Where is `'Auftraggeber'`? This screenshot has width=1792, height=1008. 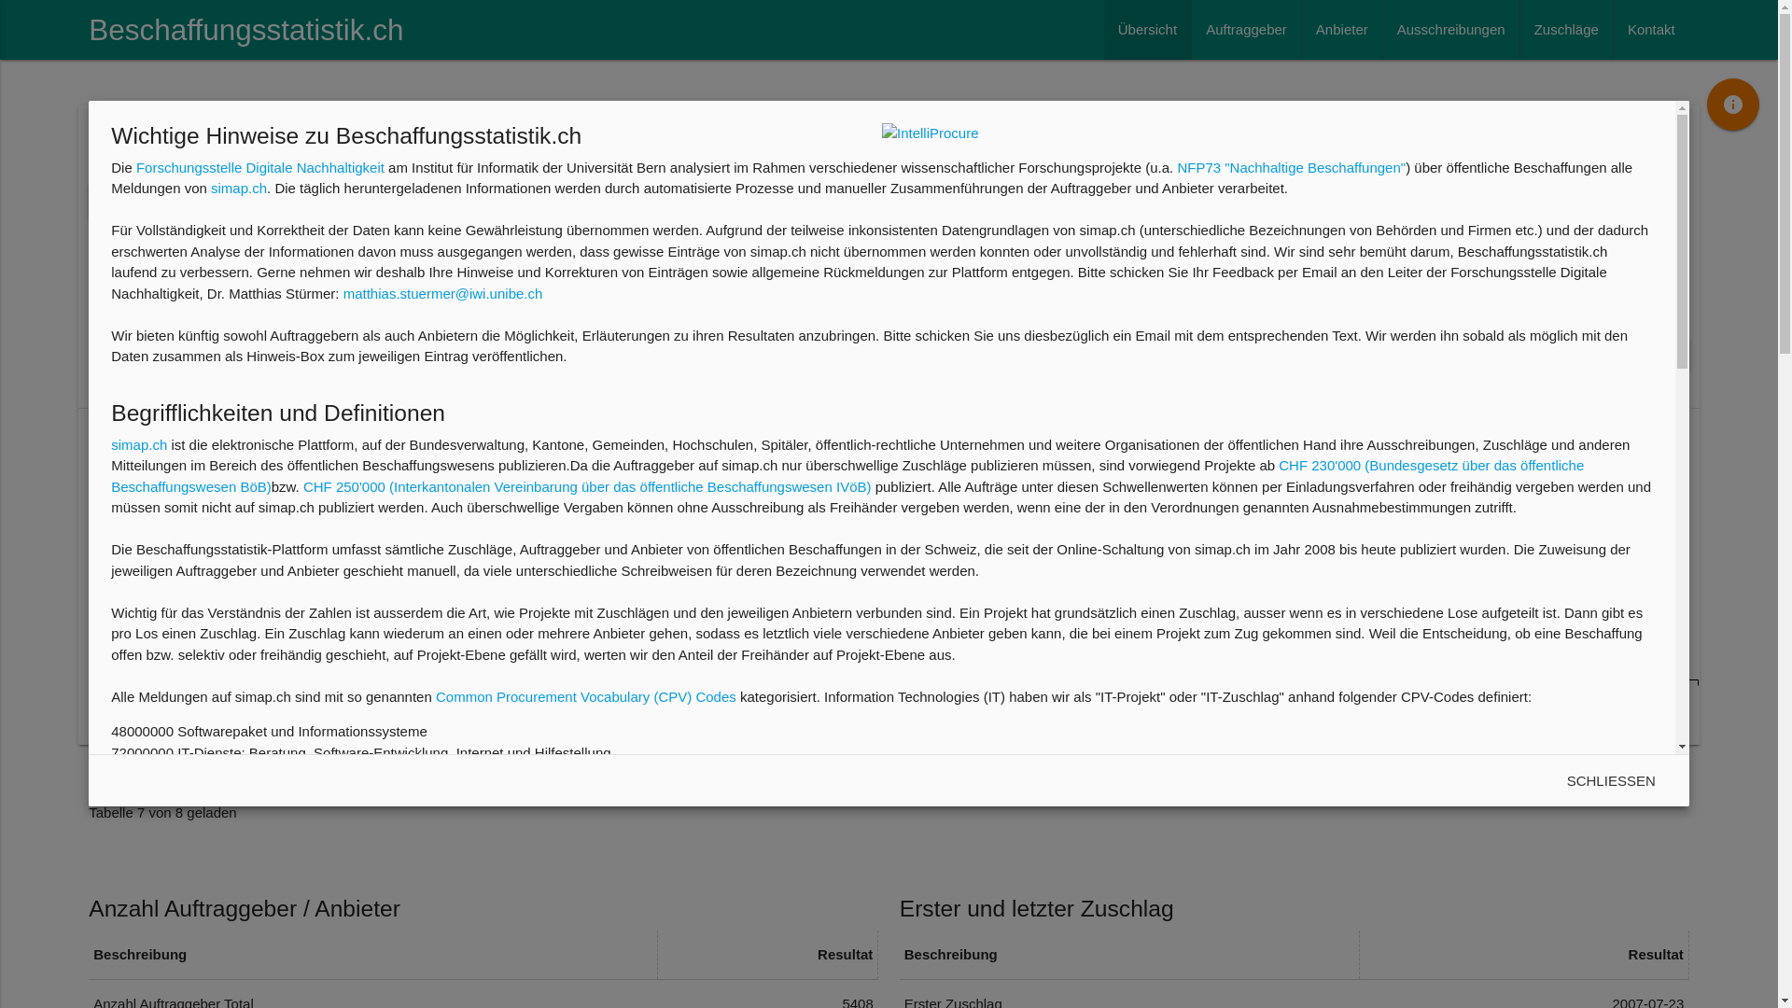
'Auftraggeber' is located at coordinates (1246, 29).